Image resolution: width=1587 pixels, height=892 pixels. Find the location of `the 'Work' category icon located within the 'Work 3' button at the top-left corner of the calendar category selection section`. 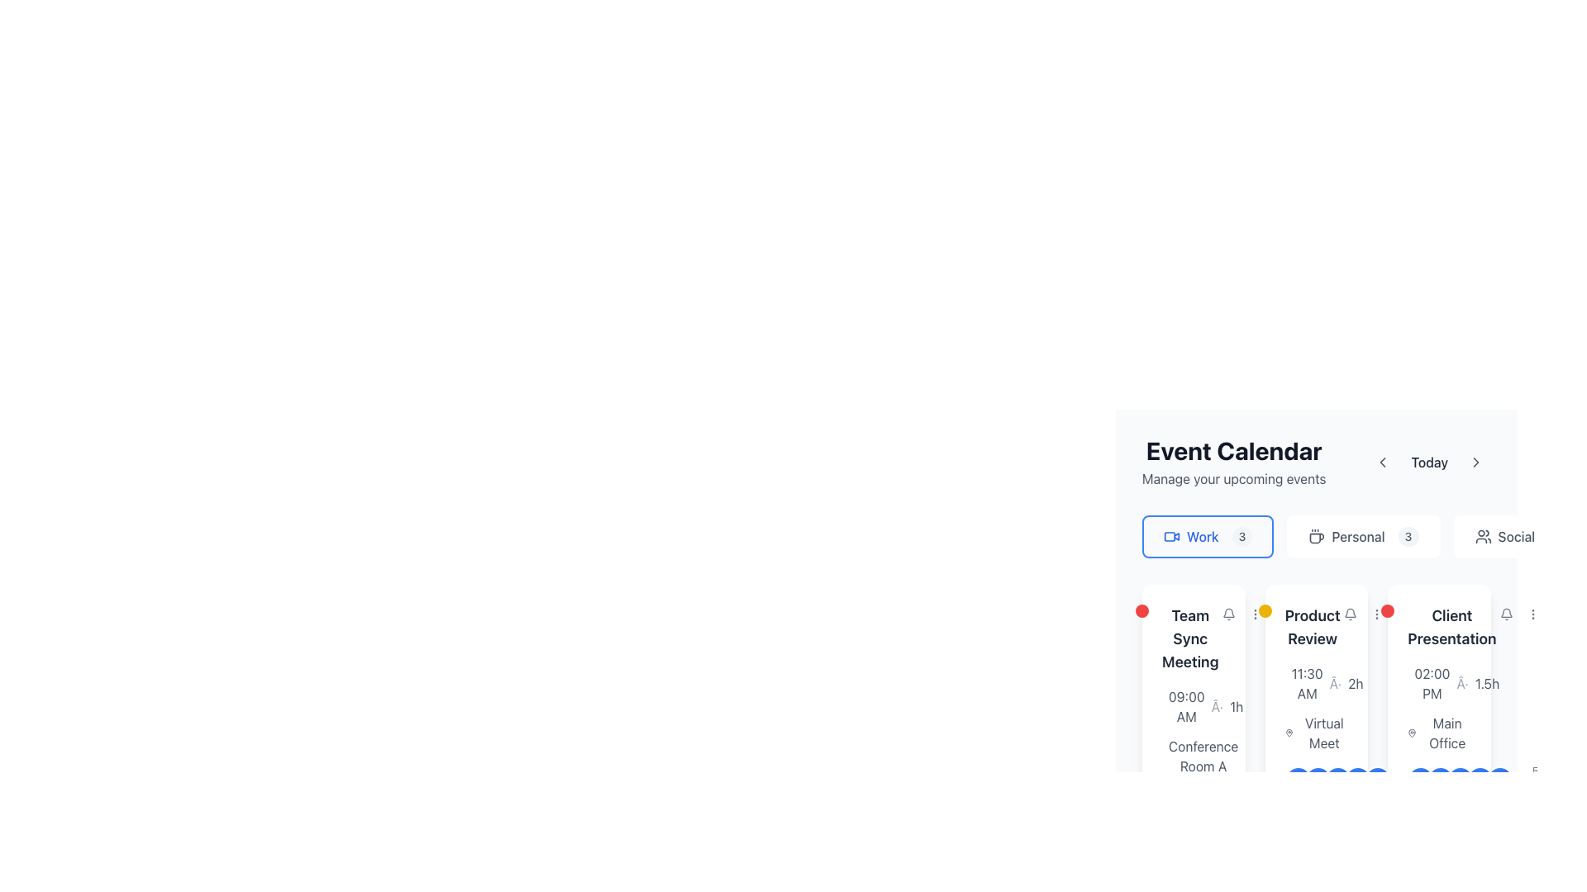

the 'Work' category icon located within the 'Work 3' button at the top-left corner of the calendar category selection section is located at coordinates (1170, 537).